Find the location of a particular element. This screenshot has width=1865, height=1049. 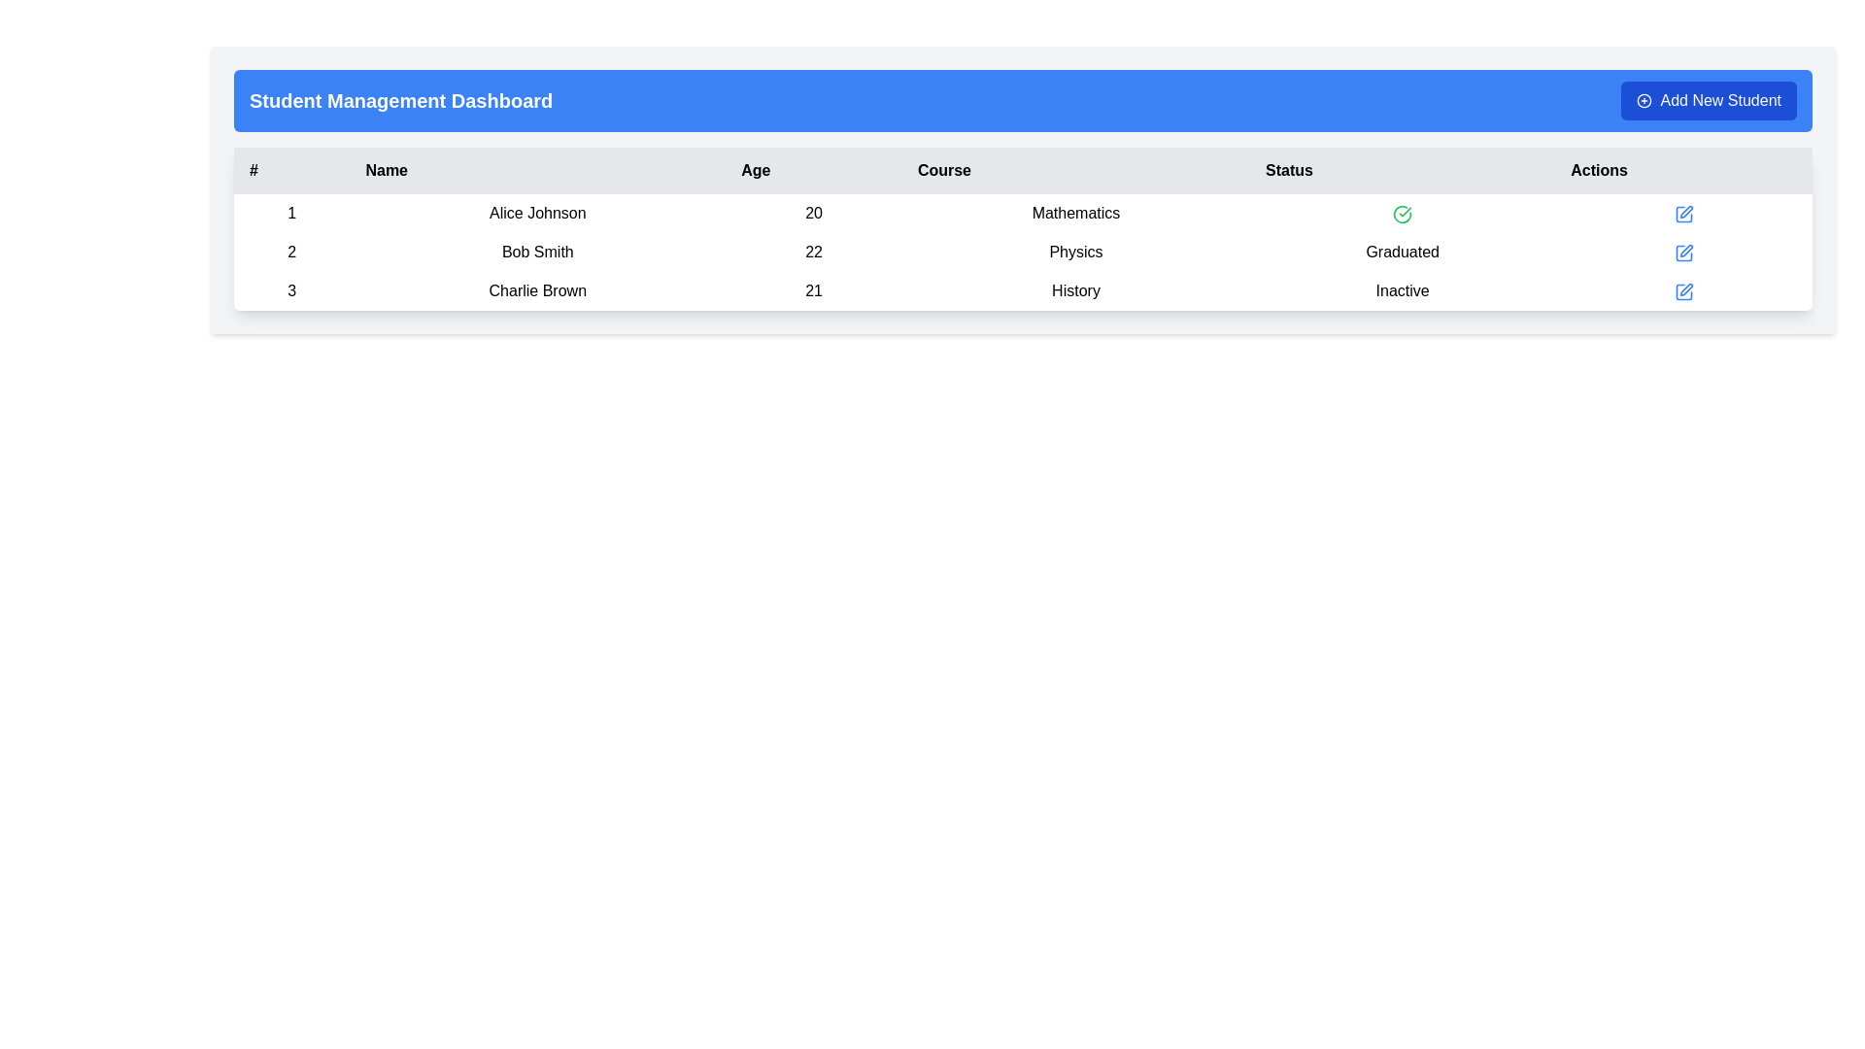

the header text element indicating 'Student Management Dashboard', located on the left-hand side of the blue rectangular header bar is located at coordinates (400, 101).